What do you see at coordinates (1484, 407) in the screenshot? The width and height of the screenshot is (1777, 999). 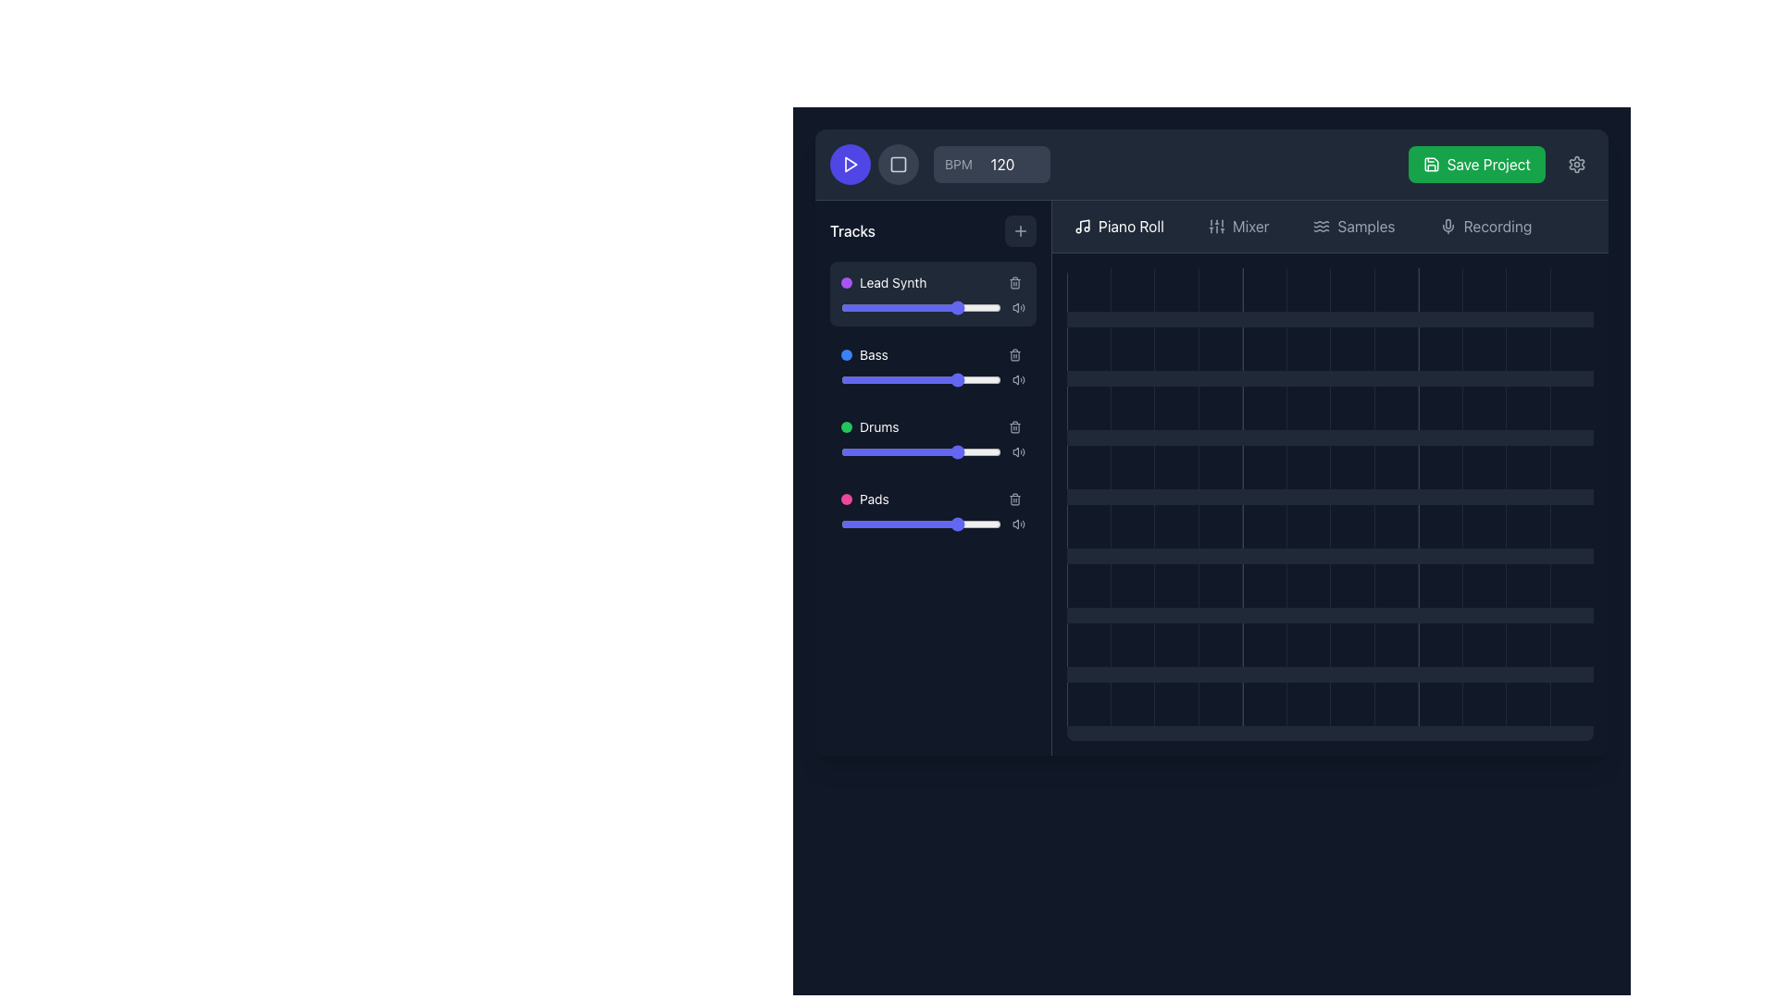 I see `the dark gray square grid cell located in the eleventh column of the third row, which has rounded corners and lightens slightly on hover` at bounding box center [1484, 407].